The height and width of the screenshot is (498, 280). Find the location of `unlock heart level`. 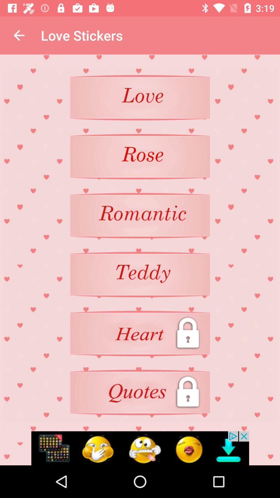

unlock heart level is located at coordinates (140, 333).